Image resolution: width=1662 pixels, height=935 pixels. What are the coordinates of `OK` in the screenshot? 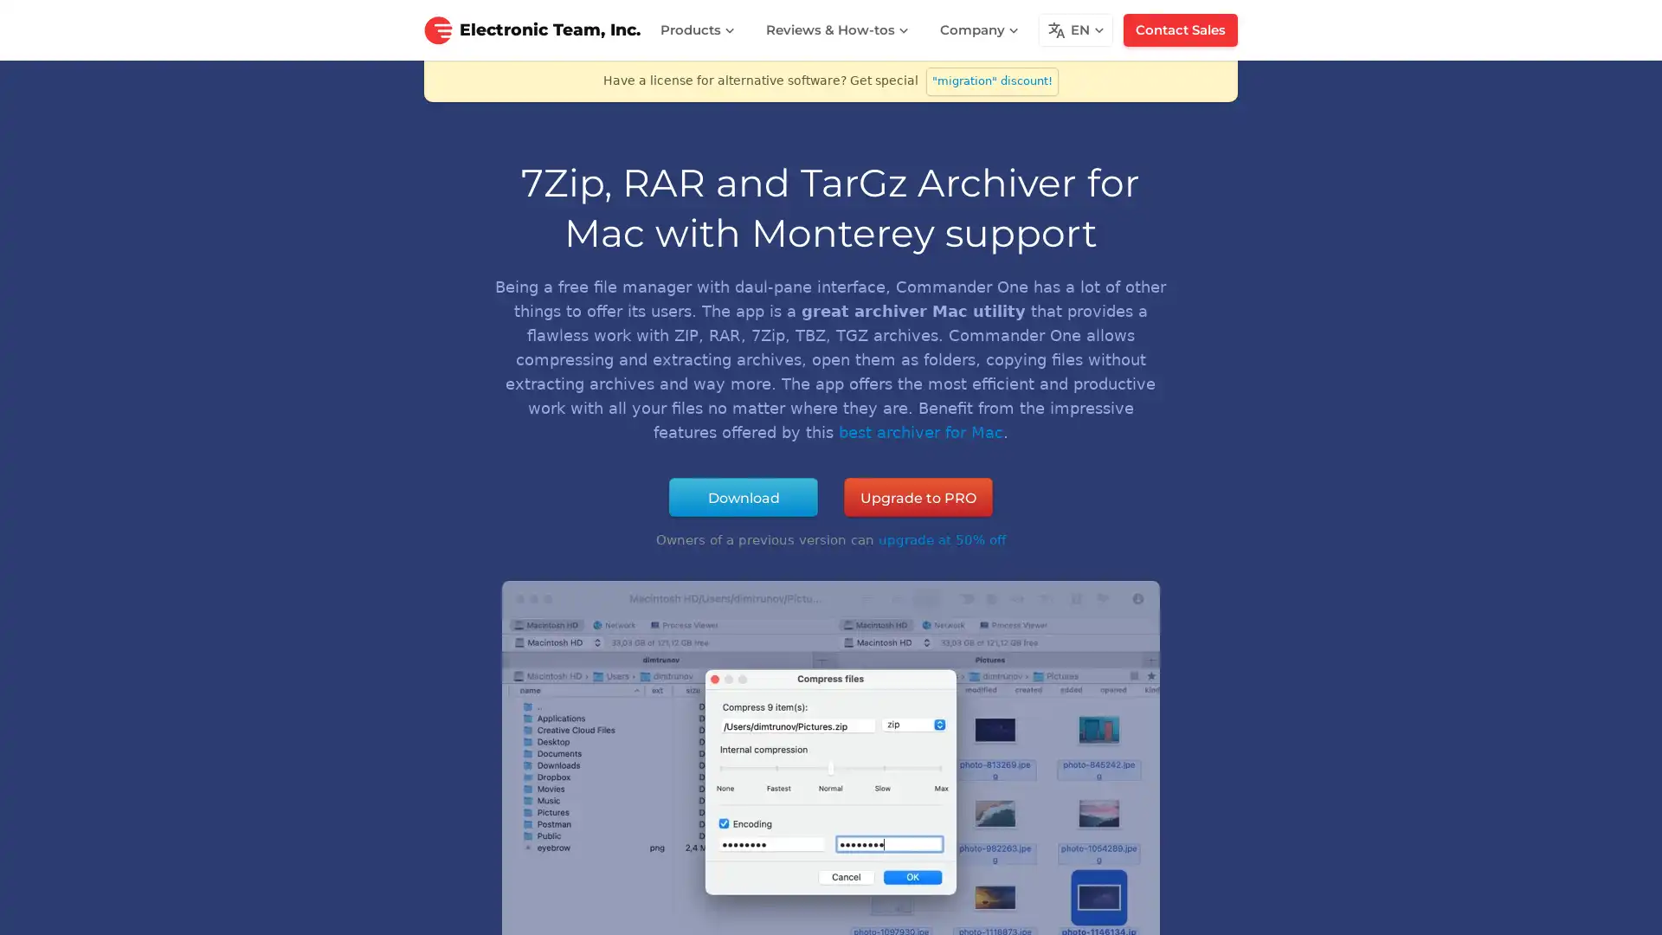 It's located at (1194, 907).